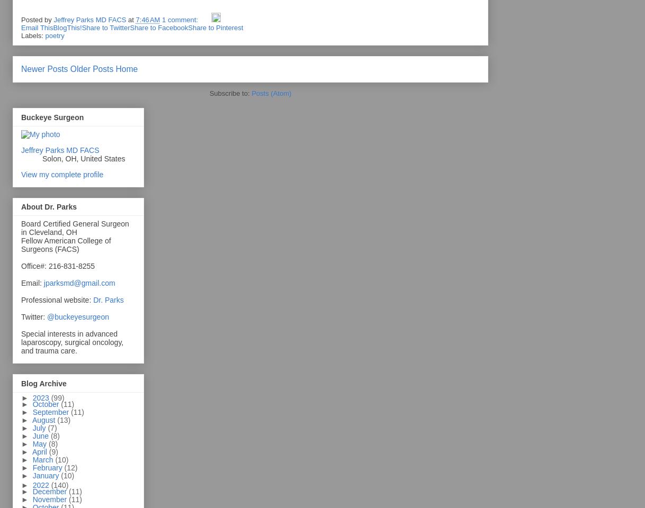 This screenshot has width=645, height=508. I want to click on 'Share to Twitter', so click(80, 27).